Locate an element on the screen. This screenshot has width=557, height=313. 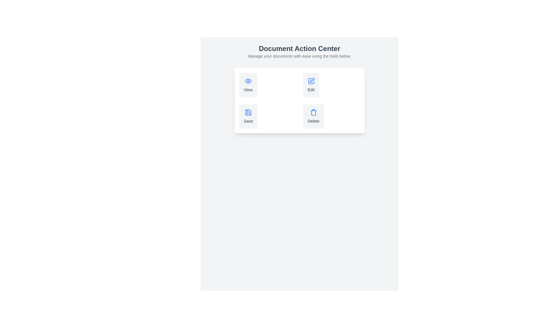
the delete button located at the bottom-right corner of the grid is located at coordinates (331, 116).